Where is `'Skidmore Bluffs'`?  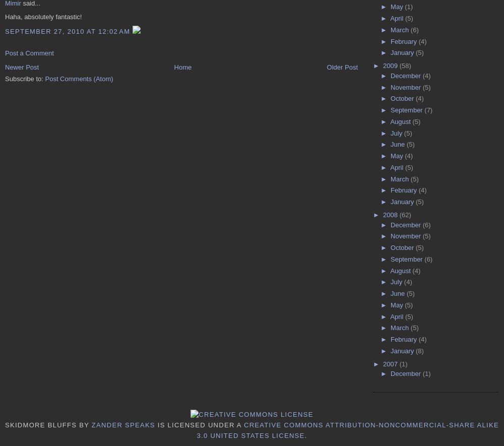
'Skidmore Bluffs' is located at coordinates (5, 425).